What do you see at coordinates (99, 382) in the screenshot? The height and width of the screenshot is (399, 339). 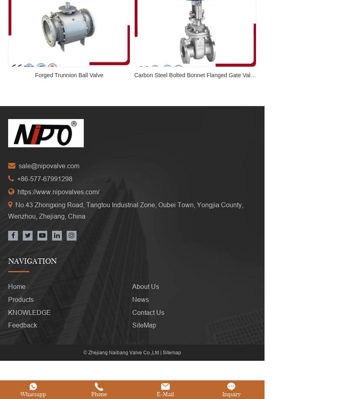 I see `'phone'` at bounding box center [99, 382].